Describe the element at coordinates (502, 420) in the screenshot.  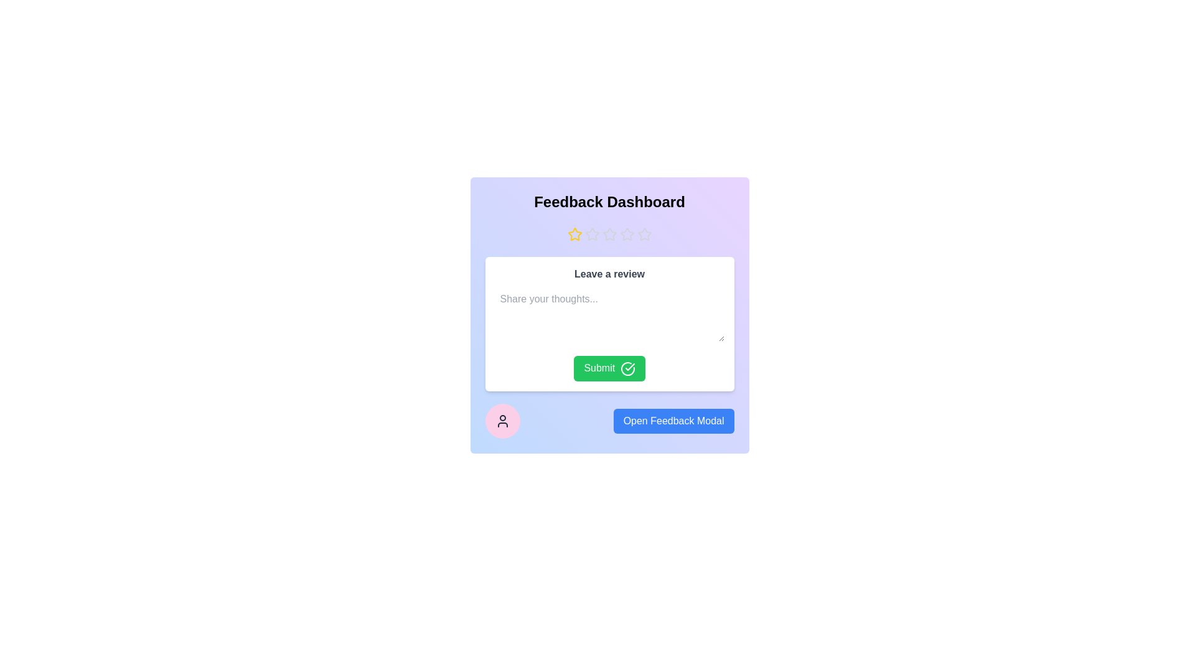
I see `the circular badge icon button representing user profile or related actions, located on the left side of the Feedback Dashboard, above the 'Open Feedback Modal' button` at that location.